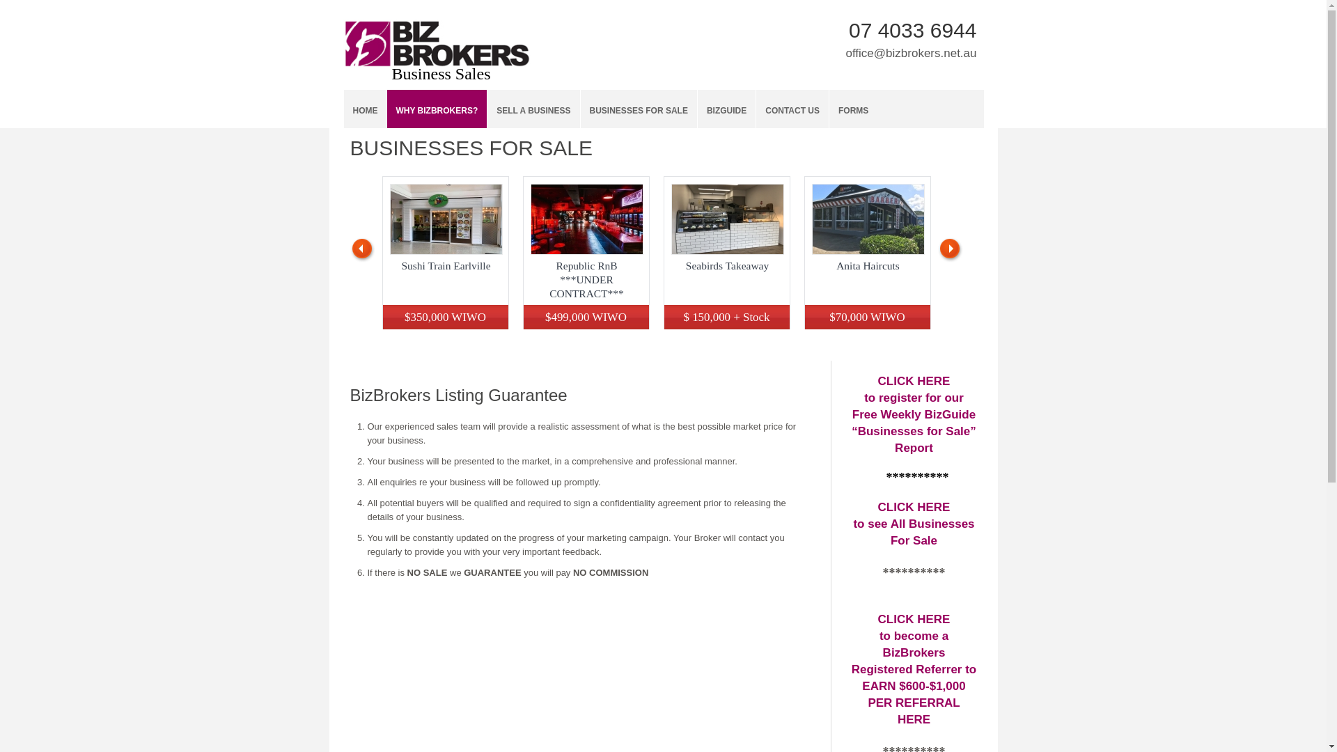 This screenshot has height=752, width=1337. Describe the element at coordinates (586, 279) in the screenshot. I see `'Republic RnB ***UNDER CONTRACT***'` at that location.